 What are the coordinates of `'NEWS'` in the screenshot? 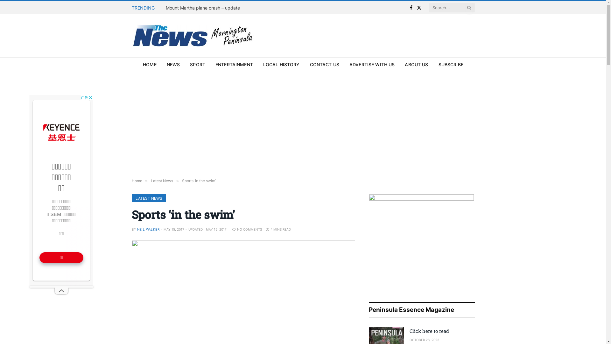 It's located at (173, 65).